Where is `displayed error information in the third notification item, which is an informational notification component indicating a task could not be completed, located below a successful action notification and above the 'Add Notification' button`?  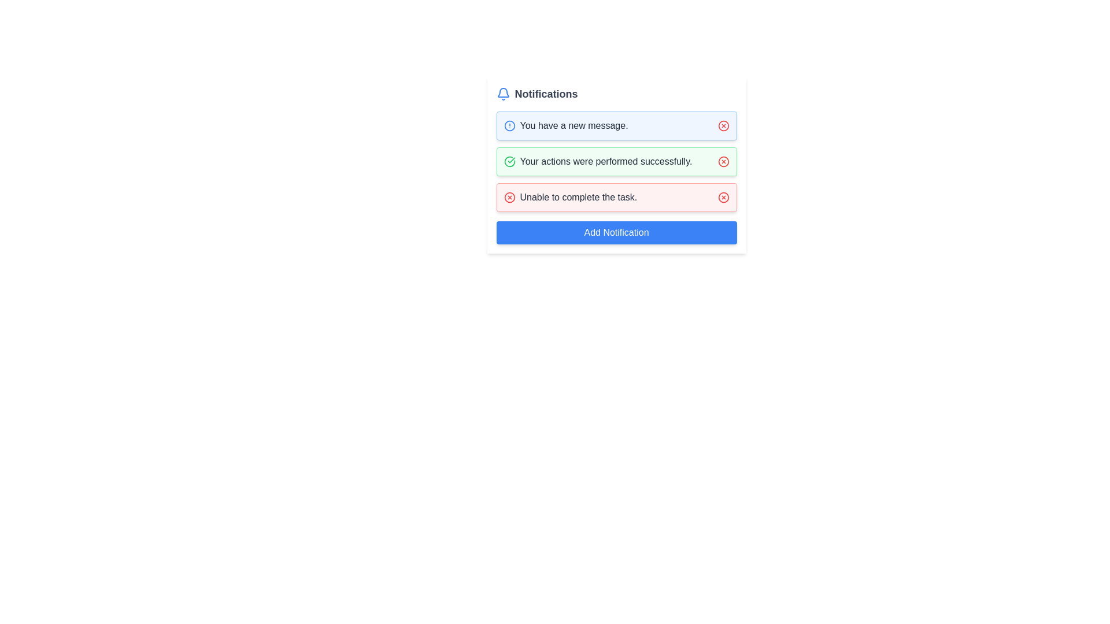
displayed error information in the third notification item, which is an informational notification component indicating a task could not be completed, located below a successful action notification and above the 'Add Notification' button is located at coordinates (616, 197).